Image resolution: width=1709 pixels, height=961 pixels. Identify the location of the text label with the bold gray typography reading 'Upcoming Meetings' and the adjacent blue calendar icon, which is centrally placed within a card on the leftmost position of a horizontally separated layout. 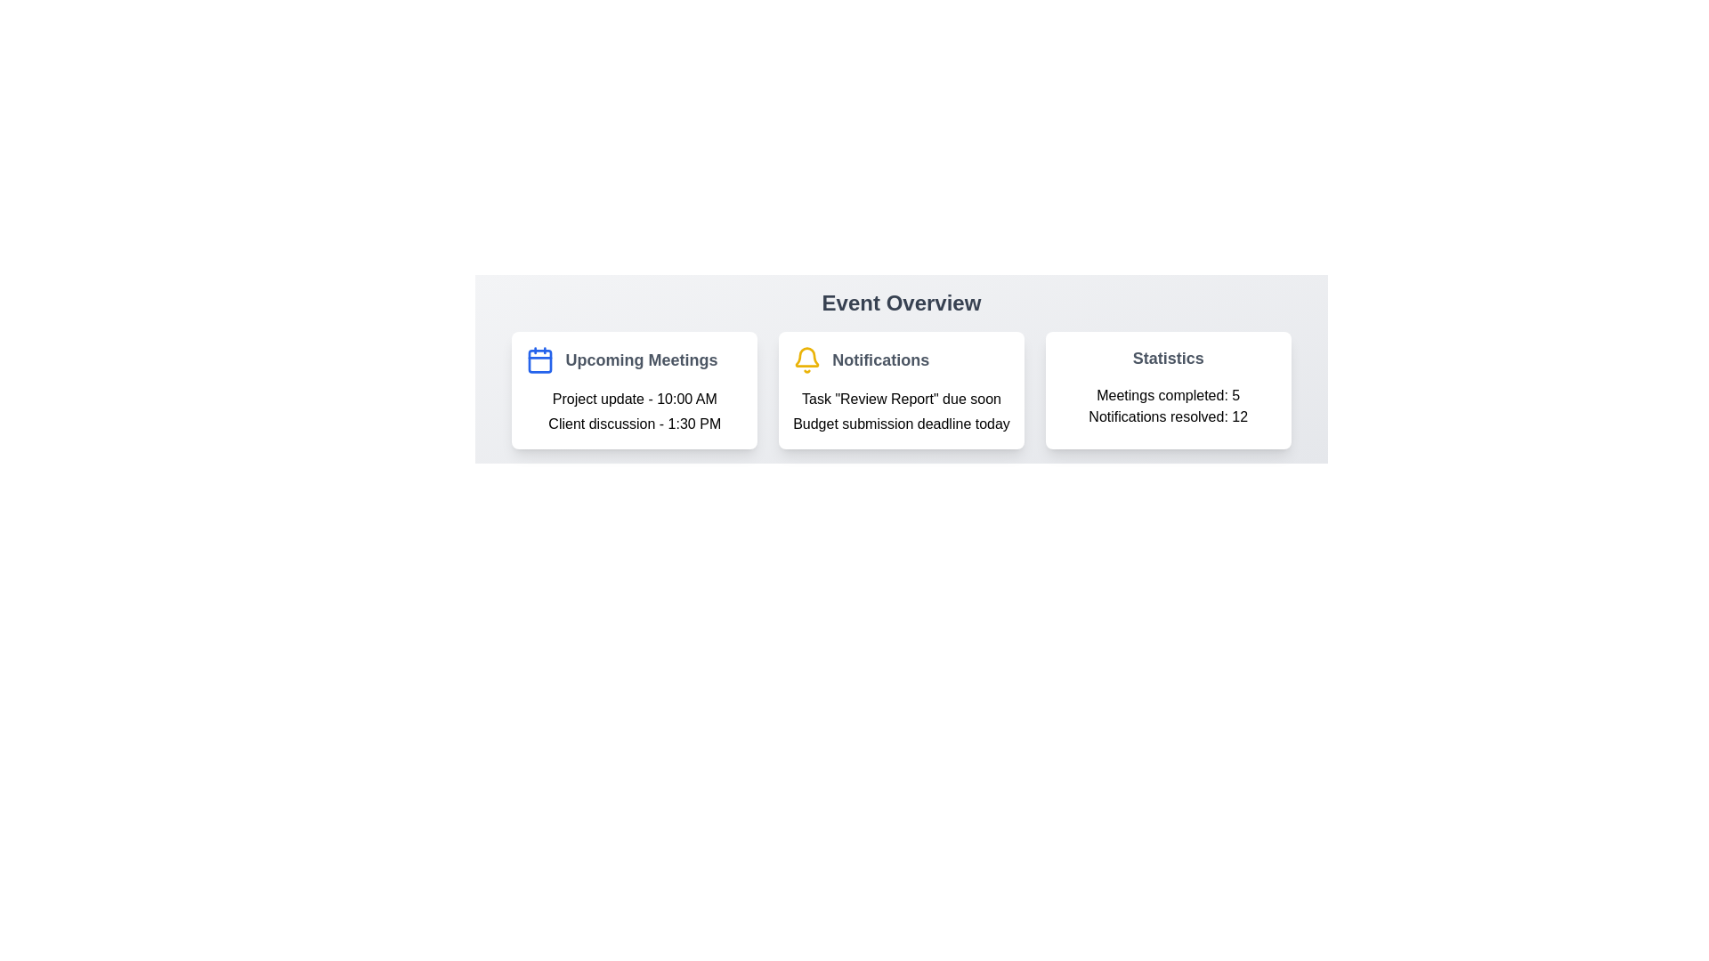
(635, 360).